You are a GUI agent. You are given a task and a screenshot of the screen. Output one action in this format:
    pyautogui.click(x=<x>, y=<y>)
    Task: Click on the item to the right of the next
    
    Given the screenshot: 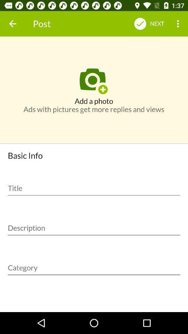 What is the action you would take?
    pyautogui.click(x=179, y=24)
    